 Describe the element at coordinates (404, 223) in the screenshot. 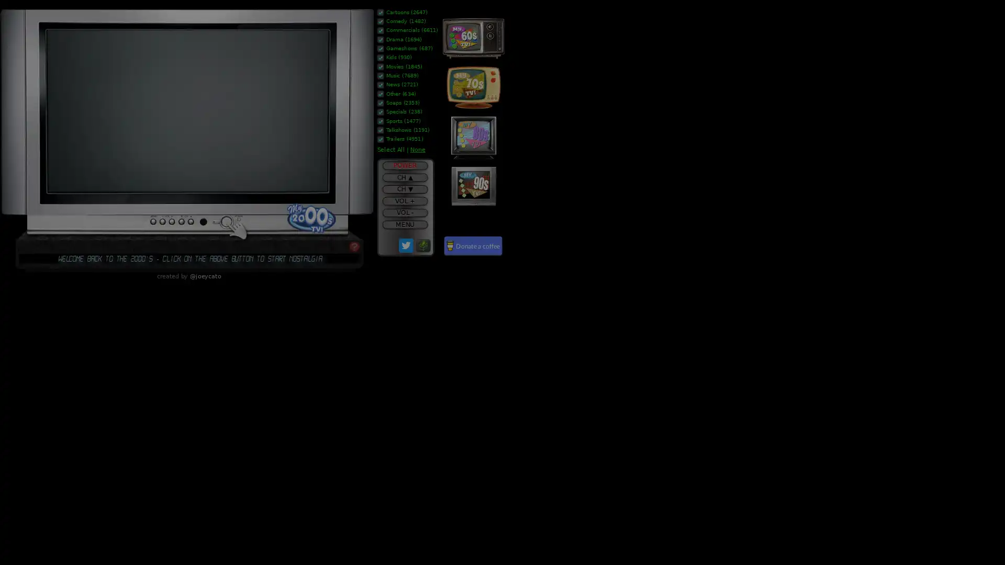

I see `MENU` at that location.